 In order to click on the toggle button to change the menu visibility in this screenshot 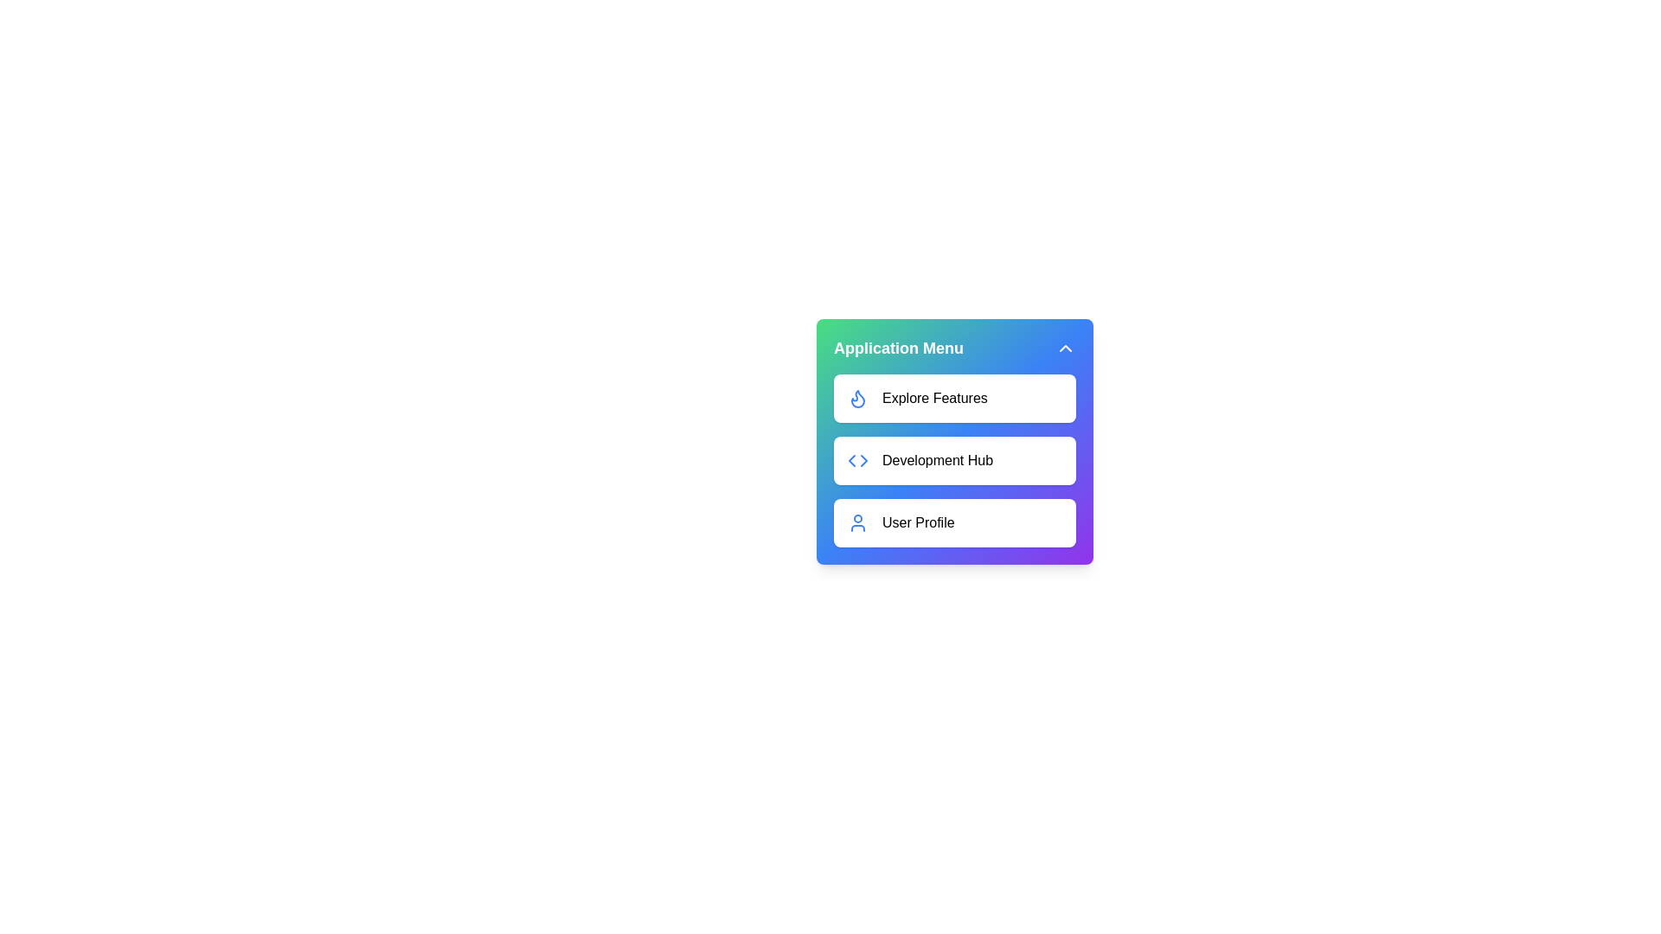, I will do `click(1065, 348)`.